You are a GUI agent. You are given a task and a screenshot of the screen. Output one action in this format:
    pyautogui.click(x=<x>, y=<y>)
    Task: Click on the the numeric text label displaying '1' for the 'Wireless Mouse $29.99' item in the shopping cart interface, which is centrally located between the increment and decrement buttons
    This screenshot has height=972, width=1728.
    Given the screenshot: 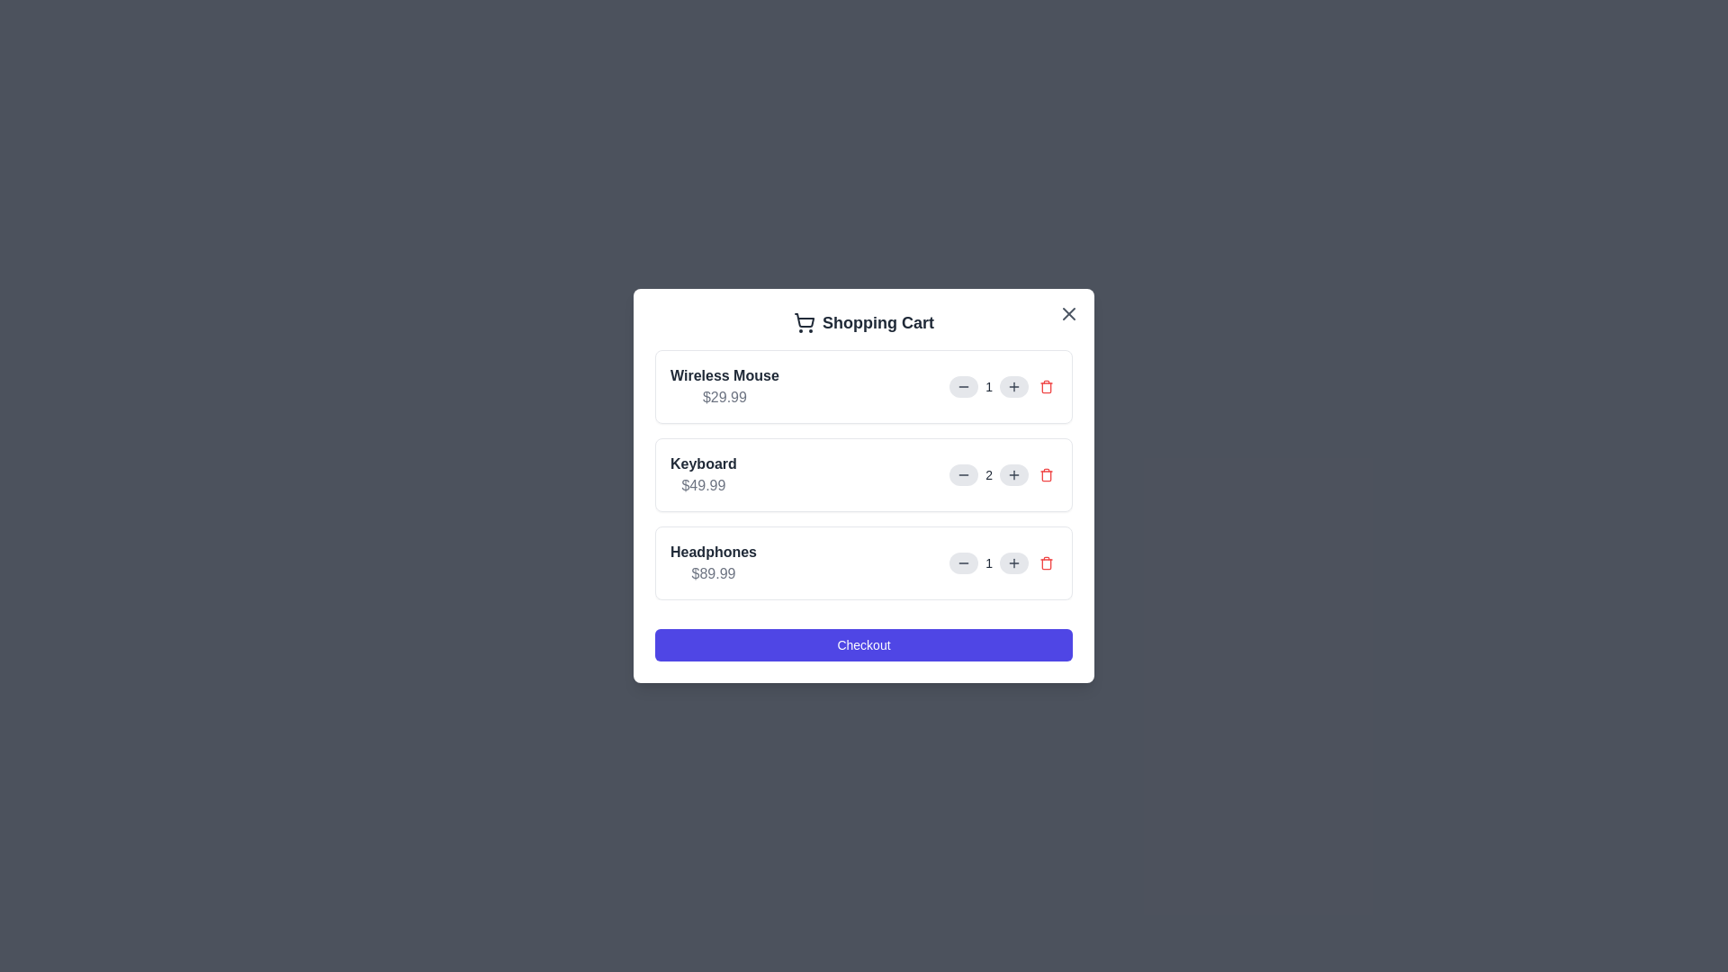 What is the action you would take?
    pyautogui.click(x=1003, y=385)
    